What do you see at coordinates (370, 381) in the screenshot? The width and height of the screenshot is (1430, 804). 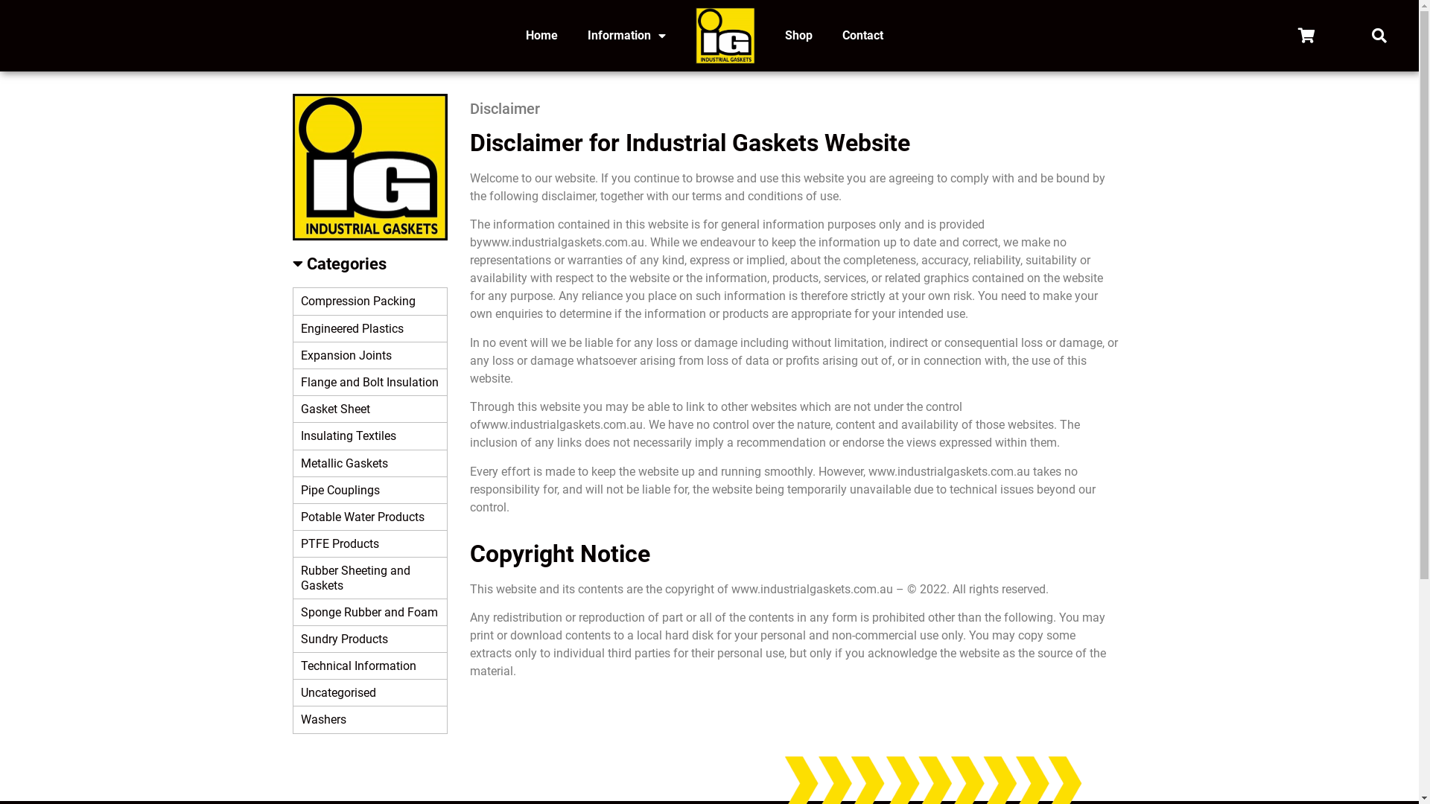 I see `'Flange and Bolt Insulation'` at bounding box center [370, 381].